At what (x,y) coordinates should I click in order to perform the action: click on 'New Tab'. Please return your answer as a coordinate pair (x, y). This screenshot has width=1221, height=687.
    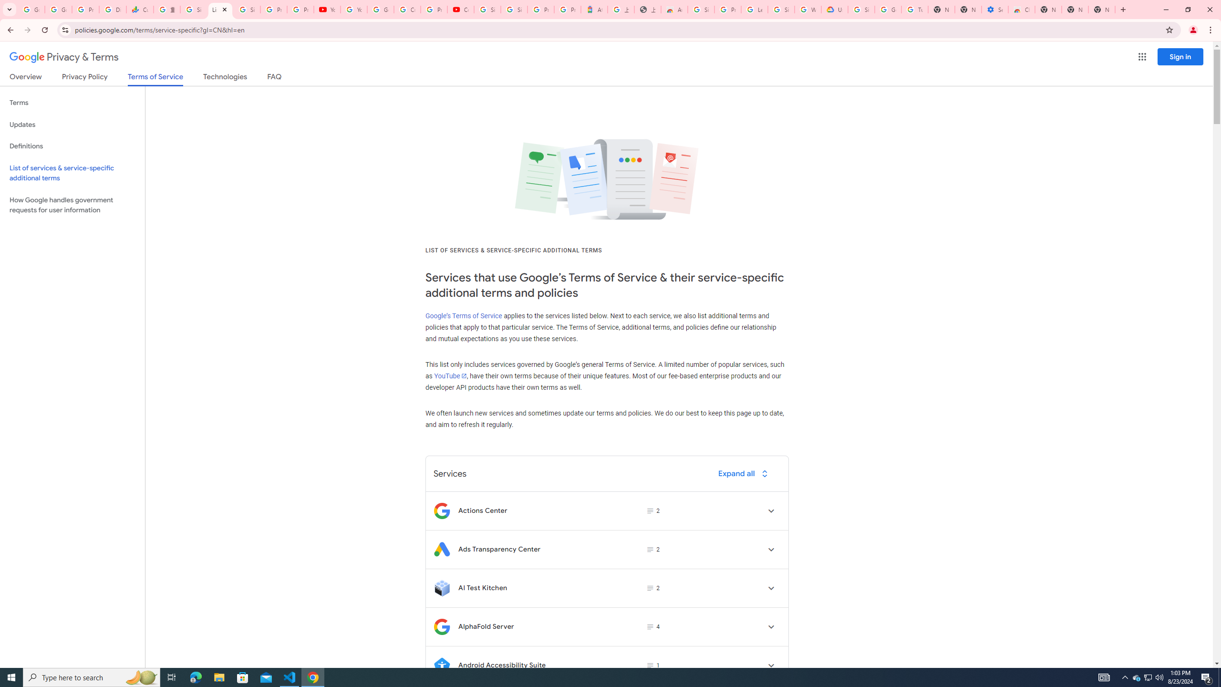
    Looking at the image, I should click on (1048, 9).